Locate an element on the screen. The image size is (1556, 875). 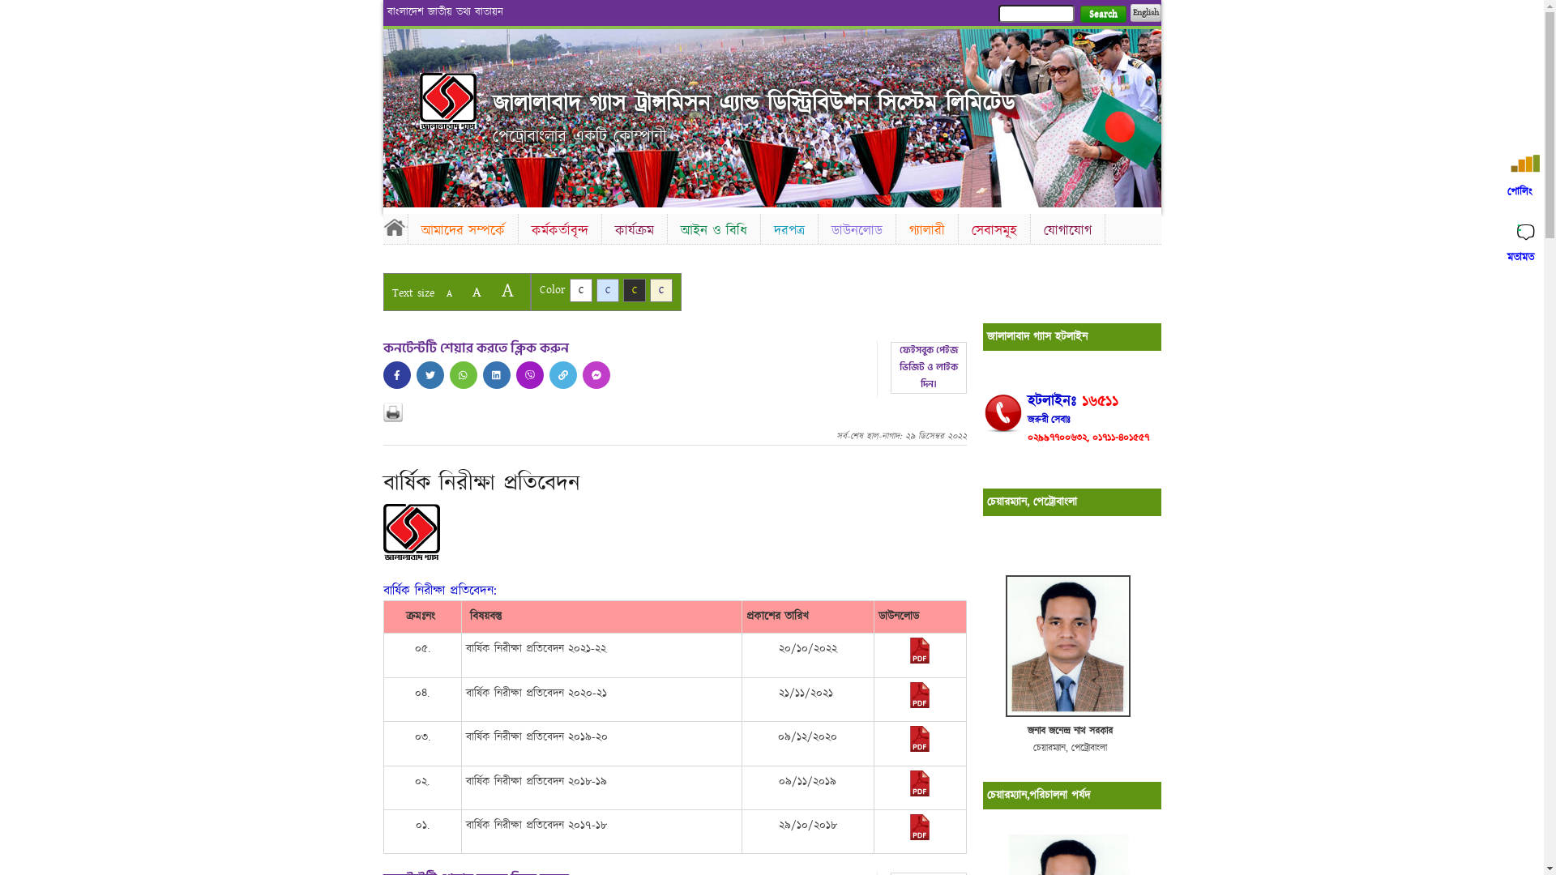
'Home' is located at coordinates (394, 227).